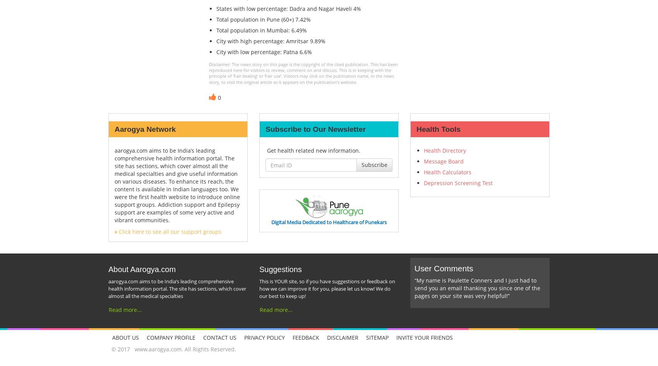 This screenshot has width=658, height=366. I want to click on '“My name is Paulette Conners and I just had to send you an email thanking you since one of the pages on your site was very helpful!”', so click(476, 287).